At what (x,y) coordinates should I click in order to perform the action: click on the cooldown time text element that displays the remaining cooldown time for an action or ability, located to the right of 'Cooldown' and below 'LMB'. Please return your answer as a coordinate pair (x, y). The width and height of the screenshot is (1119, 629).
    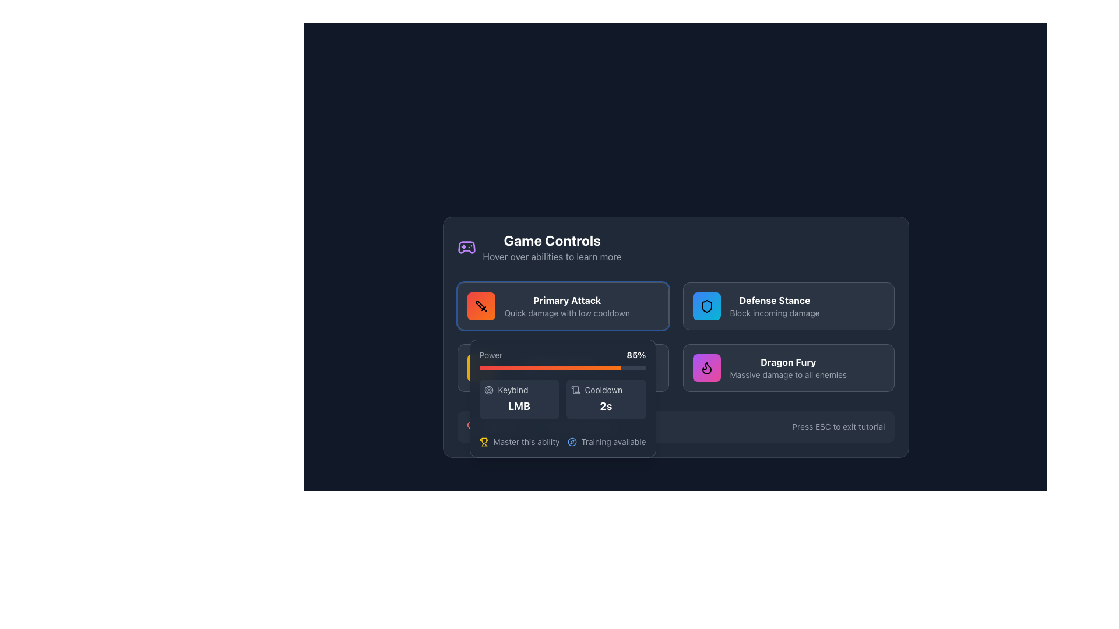
    Looking at the image, I should click on (606, 406).